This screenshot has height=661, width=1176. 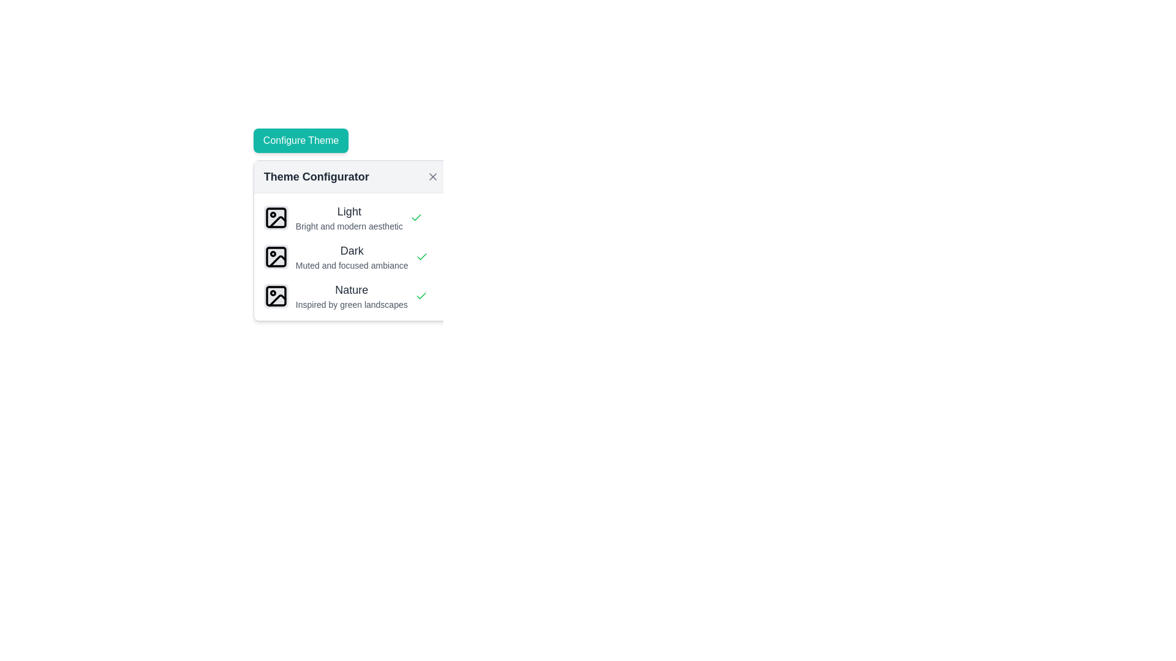 I want to click on the descriptive title text label for the 'Theme Configurator' panel, which is centrally positioned in the header area and located to the left of the close button, so click(x=316, y=177).